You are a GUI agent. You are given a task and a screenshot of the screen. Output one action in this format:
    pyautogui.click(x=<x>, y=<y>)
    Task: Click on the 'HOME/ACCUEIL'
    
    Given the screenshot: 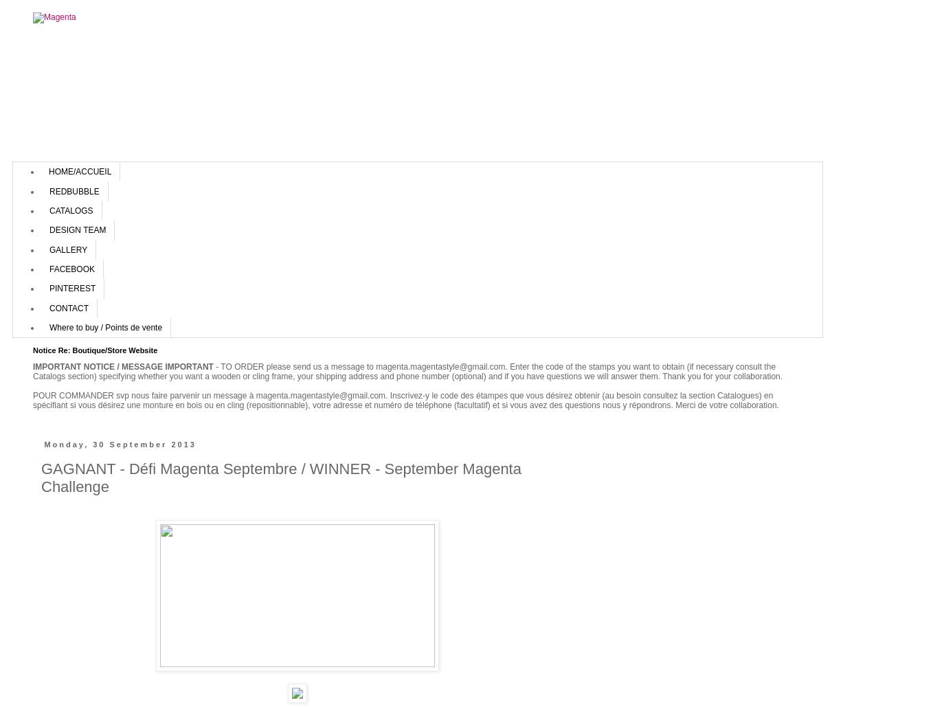 What is the action you would take?
    pyautogui.click(x=79, y=171)
    